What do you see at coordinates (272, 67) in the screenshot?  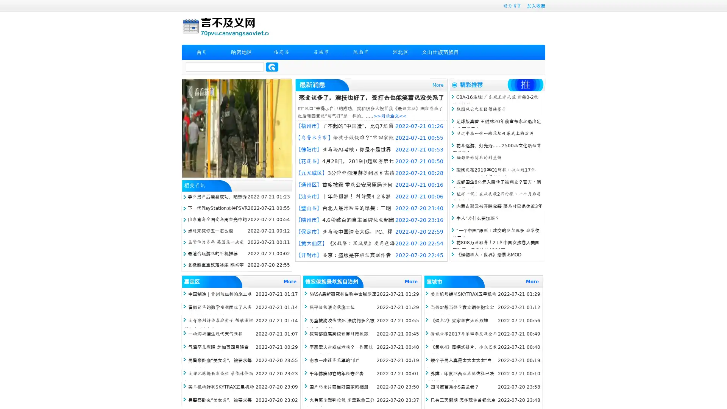 I see `Search` at bounding box center [272, 67].